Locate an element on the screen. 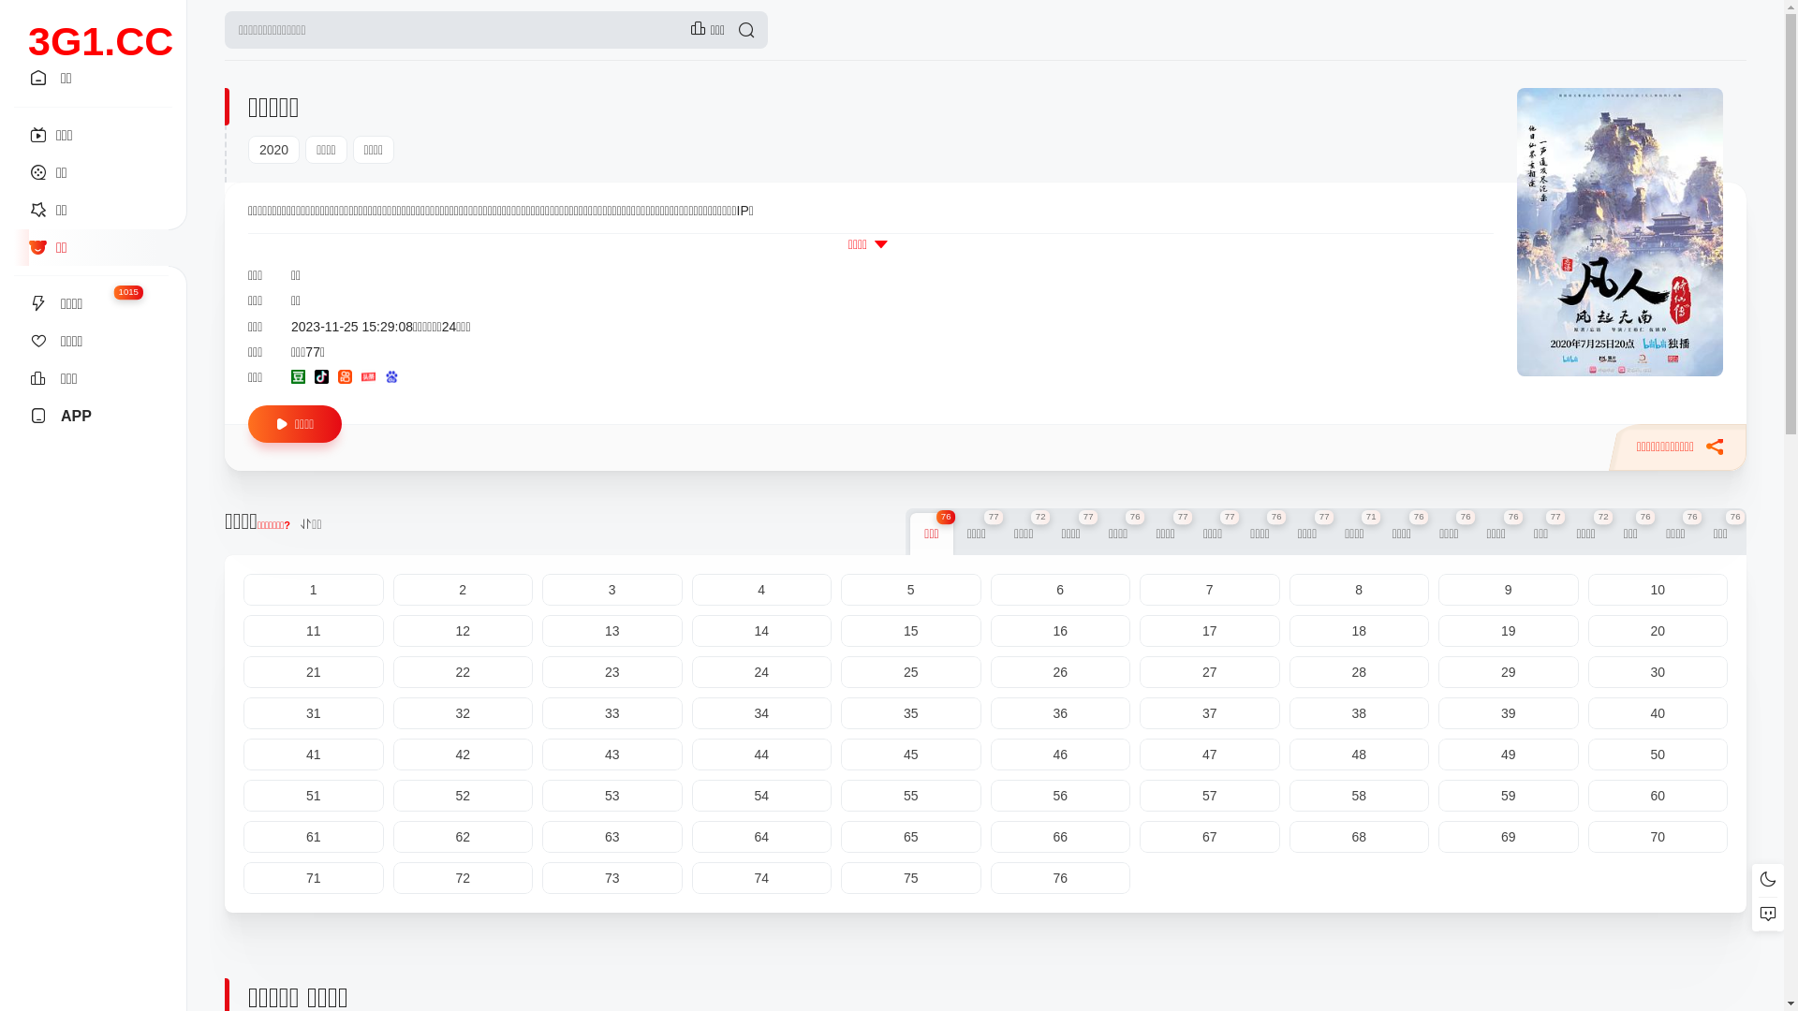  '57' is located at coordinates (1209, 795).